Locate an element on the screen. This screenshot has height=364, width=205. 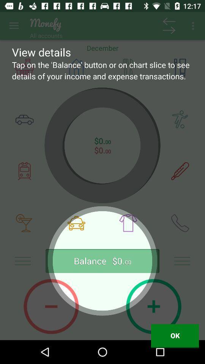
the menu icon is located at coordinates (182, 261).